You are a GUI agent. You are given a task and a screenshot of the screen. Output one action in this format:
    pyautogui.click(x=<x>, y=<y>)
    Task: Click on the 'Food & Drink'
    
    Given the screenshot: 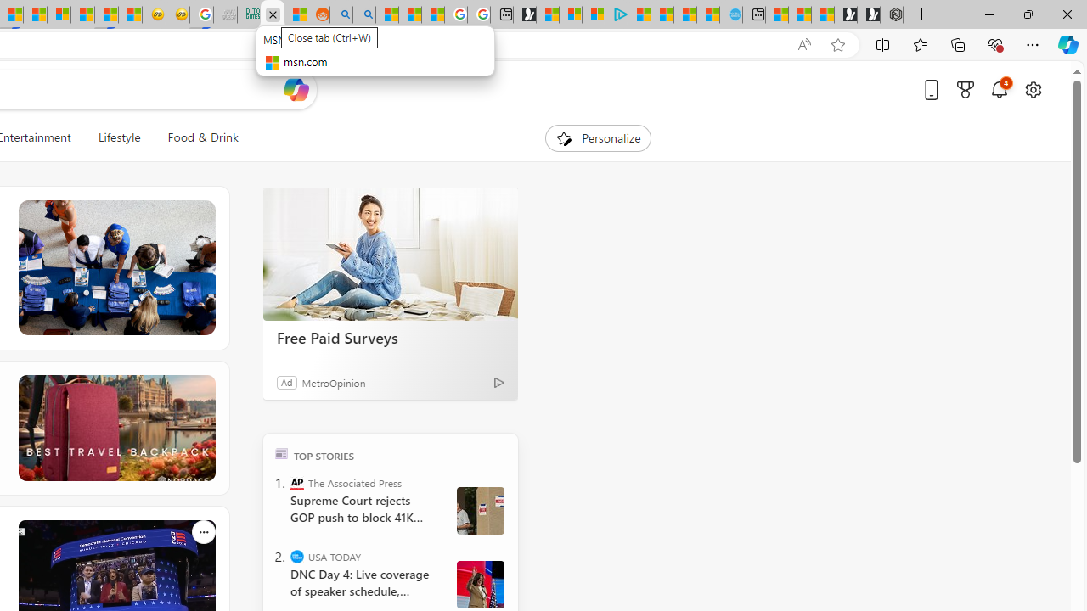 What is the action you would take?
    pyautogui.click(x=203, y=137)
    